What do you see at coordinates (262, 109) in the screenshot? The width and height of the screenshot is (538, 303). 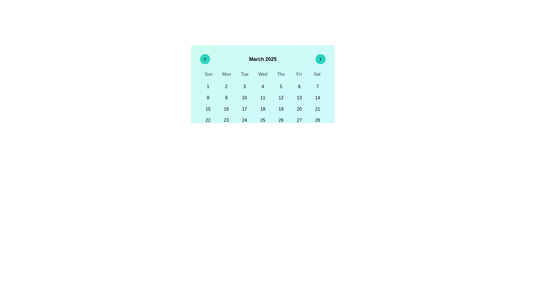 I see `the individual day cell in the interactive calendar grid located below the 'March 2025' header` at bounding box center [262, 109].